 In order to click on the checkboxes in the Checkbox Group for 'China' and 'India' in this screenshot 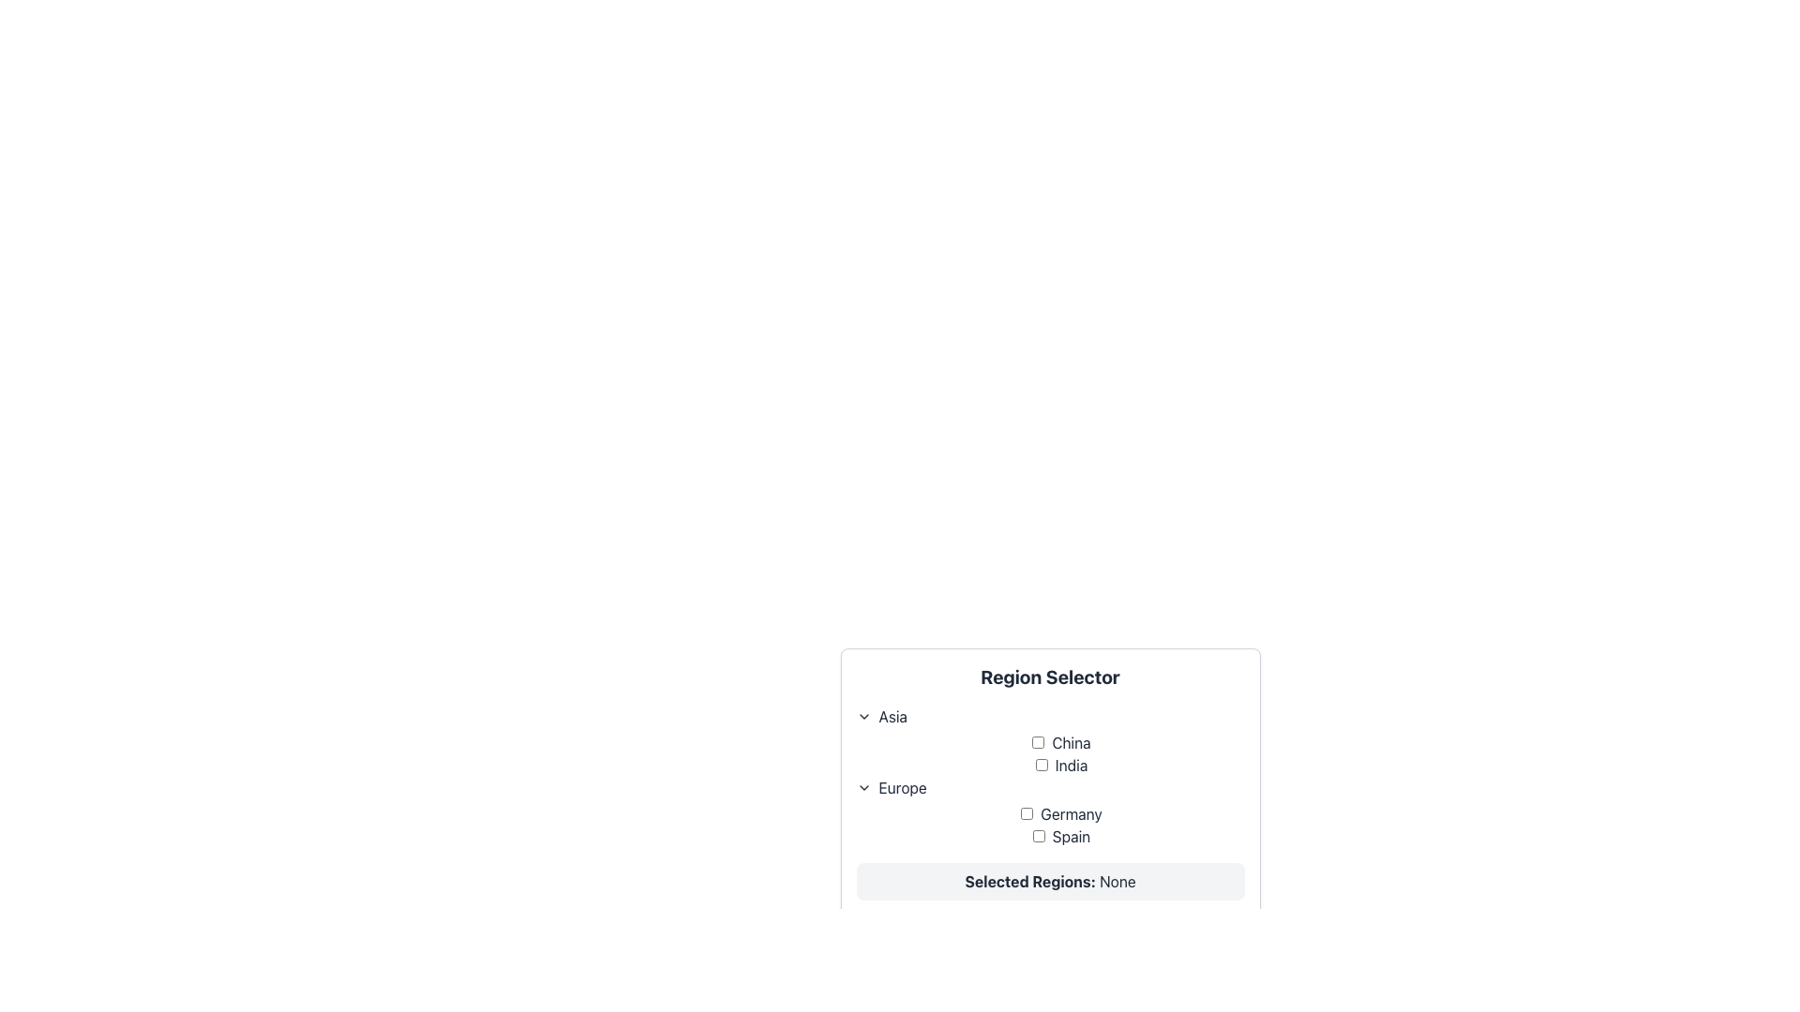, I will do `click(1050, 753)`.